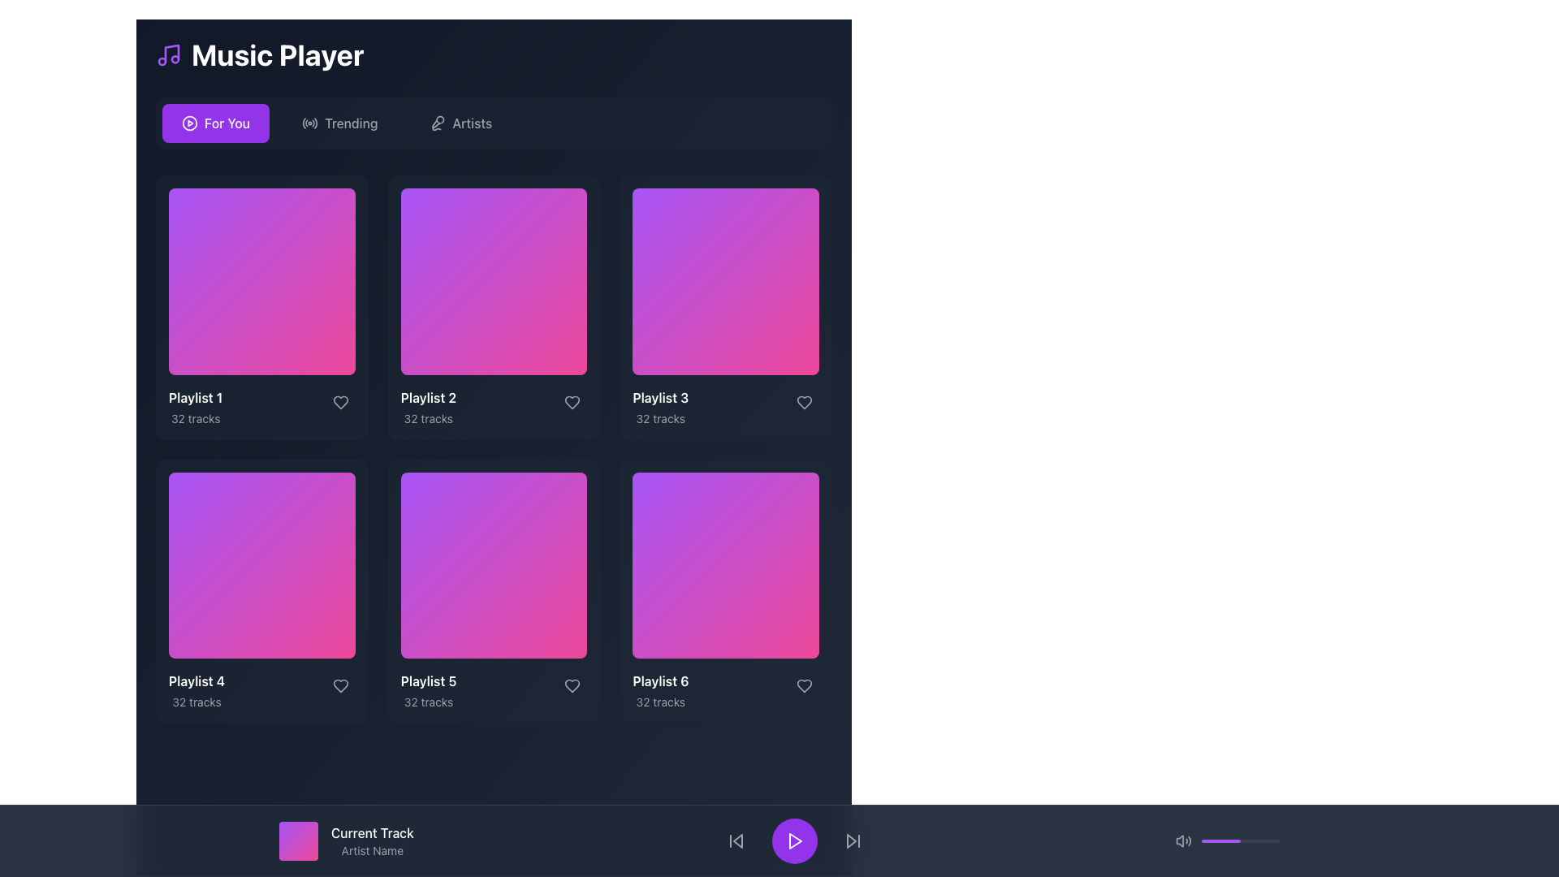  What do you see at coordinates (804, 402) in the screenshot?
I see `the heart-shaped icon in the lower-right corner of 'Playlist 3'` at bounding box center [804, 402].